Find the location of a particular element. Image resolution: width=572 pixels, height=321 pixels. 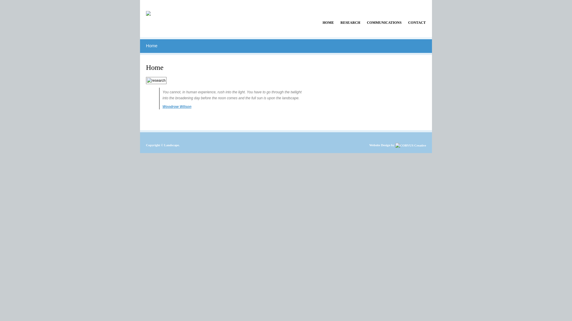

'COMMUNICATIONS' is located at coordinates (384, 22).